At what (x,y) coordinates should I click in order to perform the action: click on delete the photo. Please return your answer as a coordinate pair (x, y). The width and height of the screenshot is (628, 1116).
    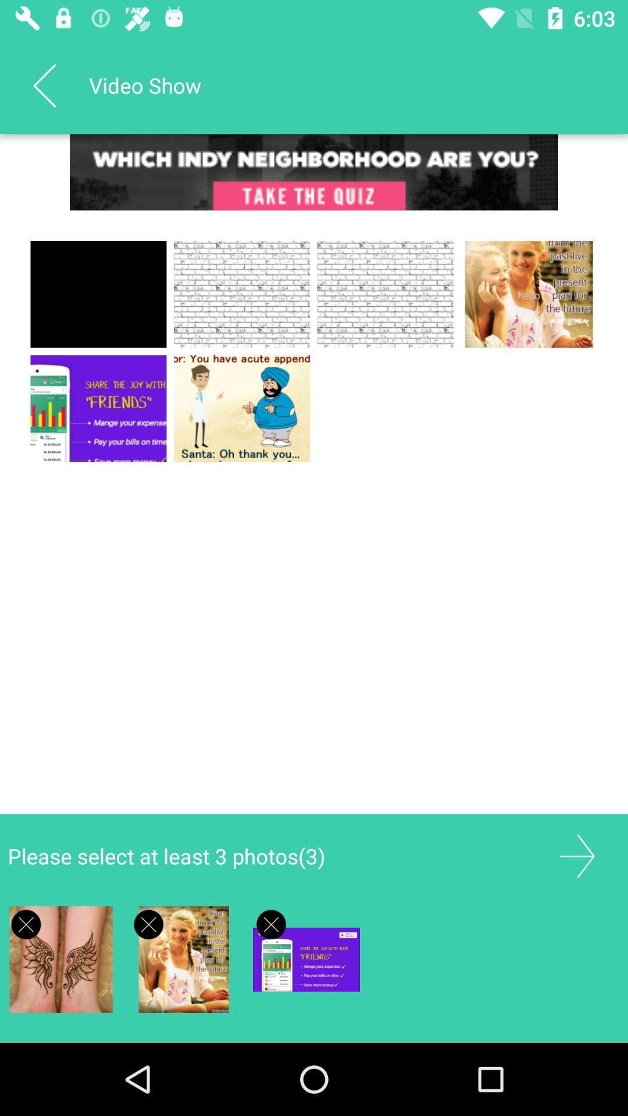
    Looking at the image, I should click on (148, 924).